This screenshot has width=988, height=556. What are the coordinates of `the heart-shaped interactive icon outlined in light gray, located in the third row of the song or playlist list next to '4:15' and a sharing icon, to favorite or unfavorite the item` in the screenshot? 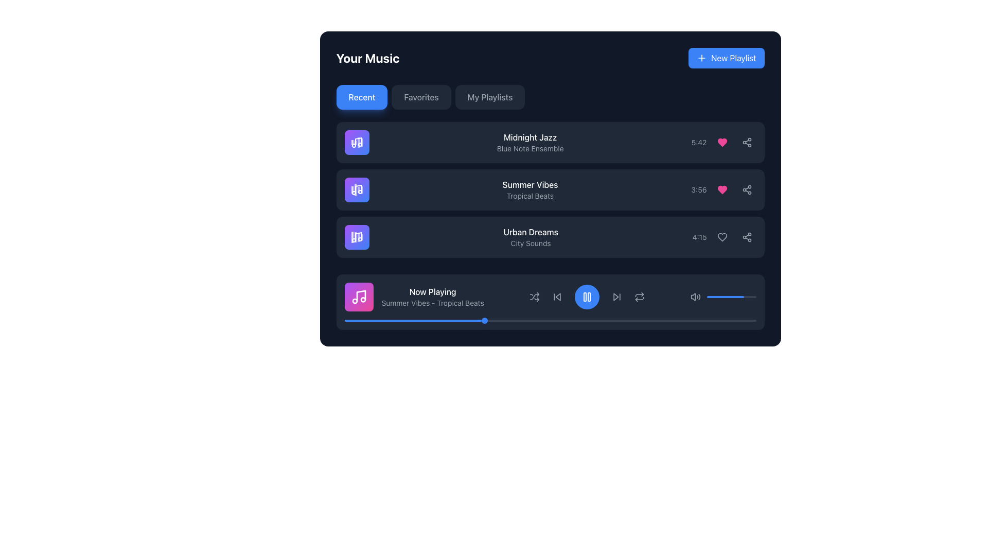 It's located at (721, 237).